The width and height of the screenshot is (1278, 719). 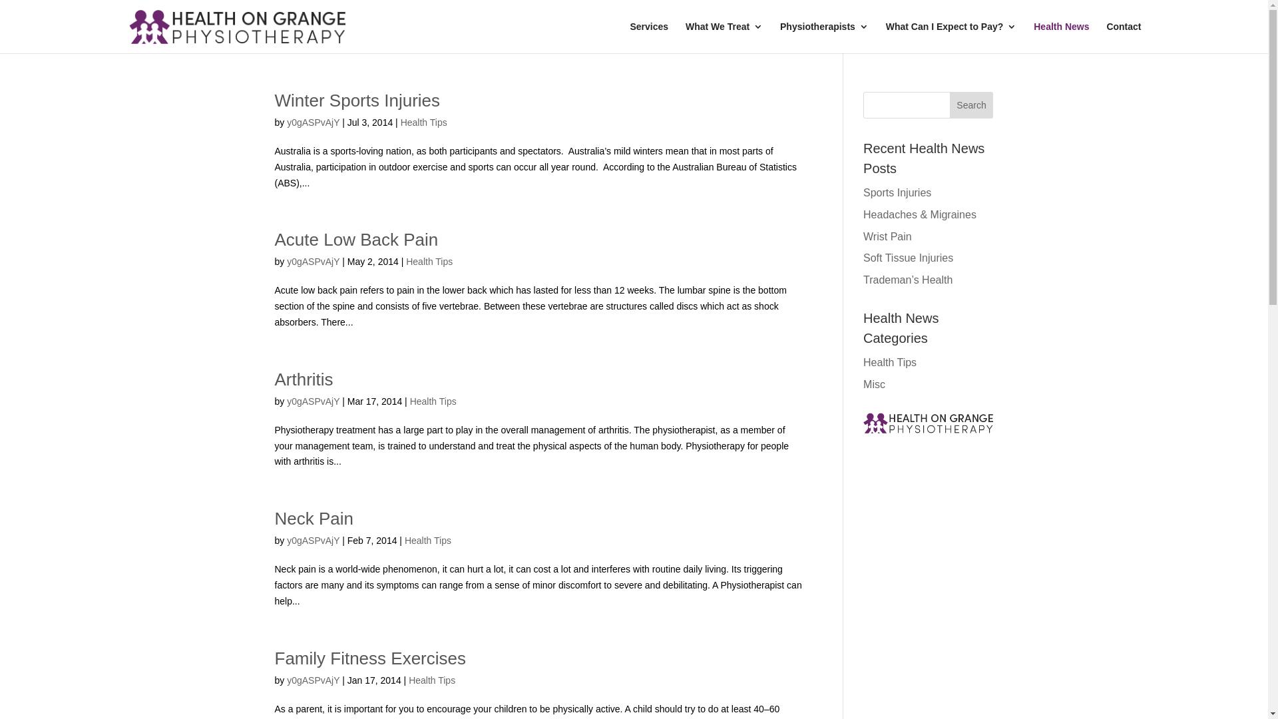 What do you see at coordinates (1060, 37) in the screenshot?
I see `'Health News'` at bounding box center [1060, 37].